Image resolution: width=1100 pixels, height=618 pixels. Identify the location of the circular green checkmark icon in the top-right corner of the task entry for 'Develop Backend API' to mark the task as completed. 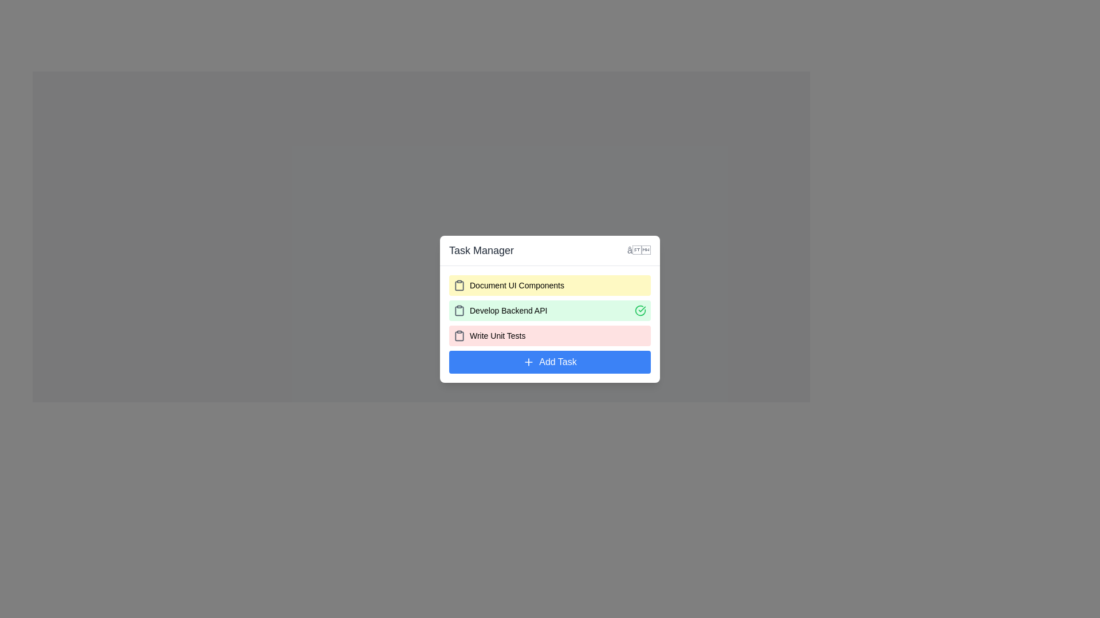
(640, 310).